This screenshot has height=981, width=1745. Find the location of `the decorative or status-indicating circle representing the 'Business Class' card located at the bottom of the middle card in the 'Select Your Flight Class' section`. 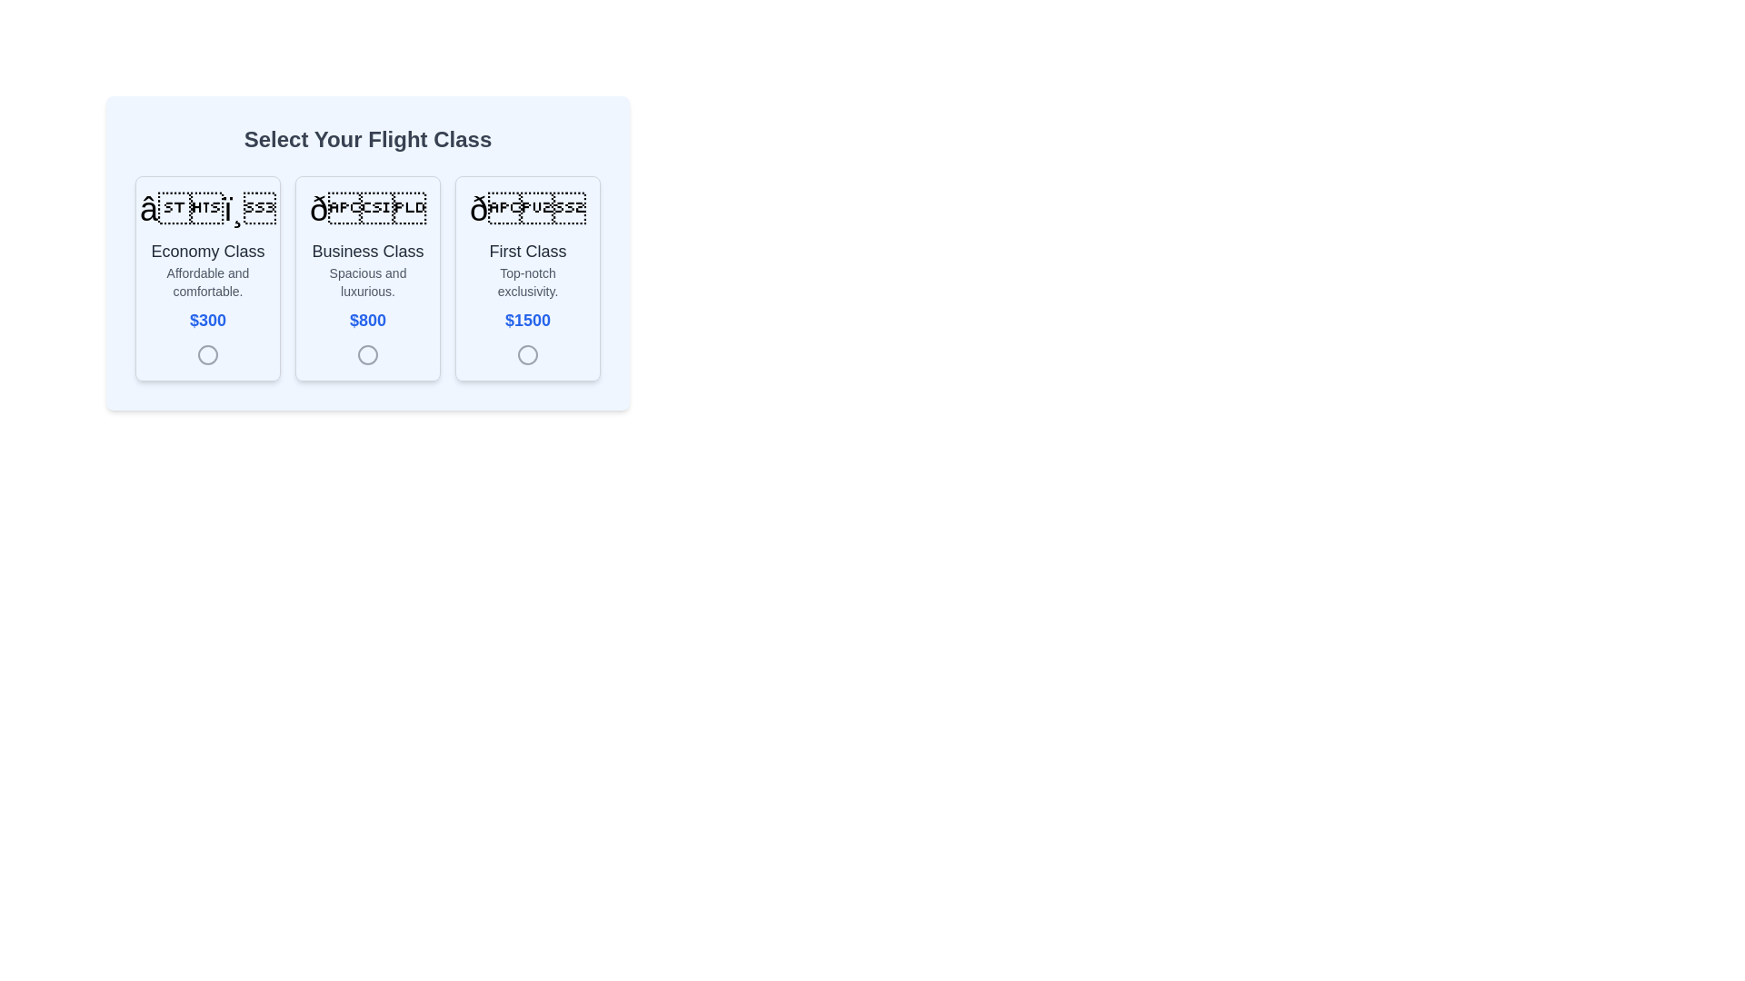

the decorative or status-indicating circle representing the 'Business Class' card located at the bottom of the middle card in the 'Select Your Flight Class' section is located at coordinates (366, 354).